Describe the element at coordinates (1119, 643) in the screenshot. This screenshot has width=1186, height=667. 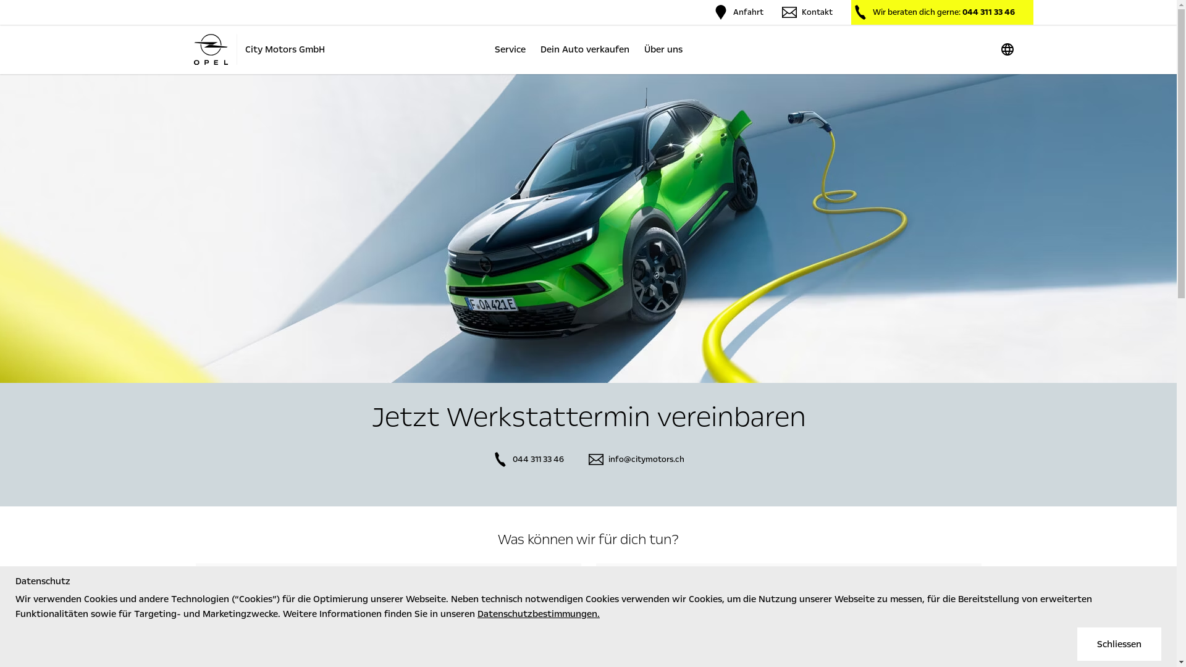
I see `'Schliessen'` at that location.